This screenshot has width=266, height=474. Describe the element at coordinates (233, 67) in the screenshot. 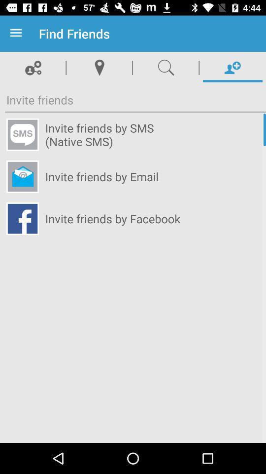

I see `clicki on the icon right next to search icon` at that location.